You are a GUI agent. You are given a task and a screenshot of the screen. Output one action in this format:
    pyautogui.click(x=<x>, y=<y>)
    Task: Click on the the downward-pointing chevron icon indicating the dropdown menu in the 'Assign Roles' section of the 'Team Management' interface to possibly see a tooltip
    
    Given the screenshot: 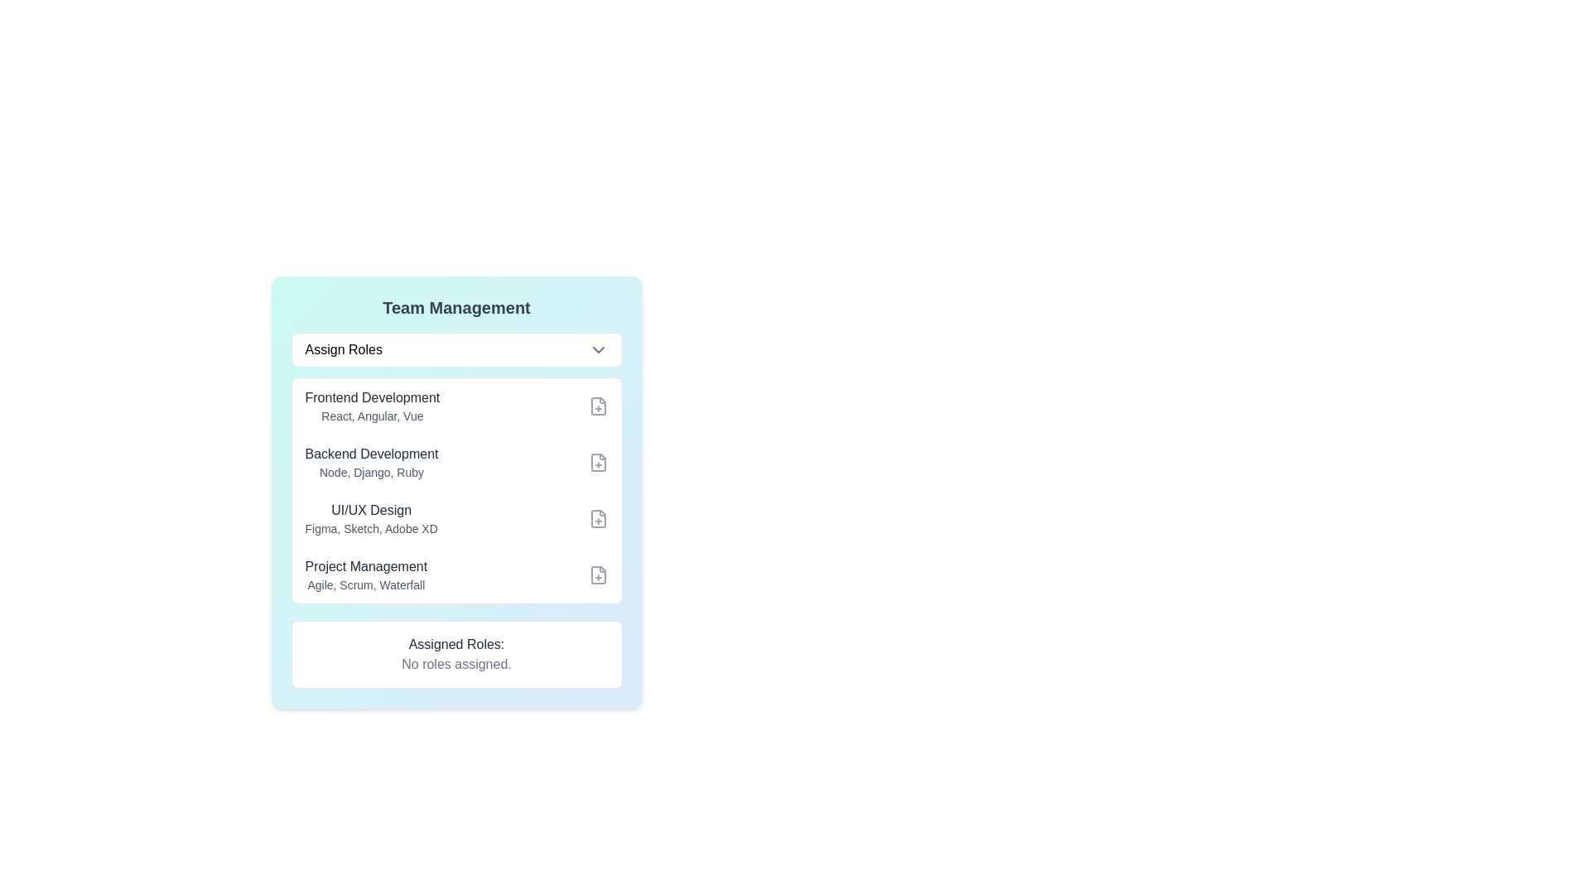 What is the action you would take?
    pyautogui.click(x=597, y=349)
    